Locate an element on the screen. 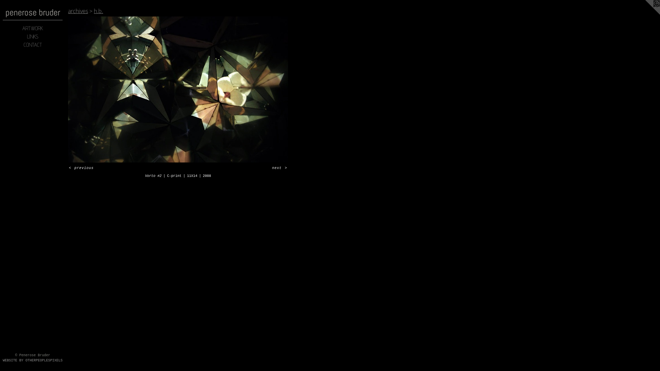  'h.b.' is located at coordinates (98, 11).